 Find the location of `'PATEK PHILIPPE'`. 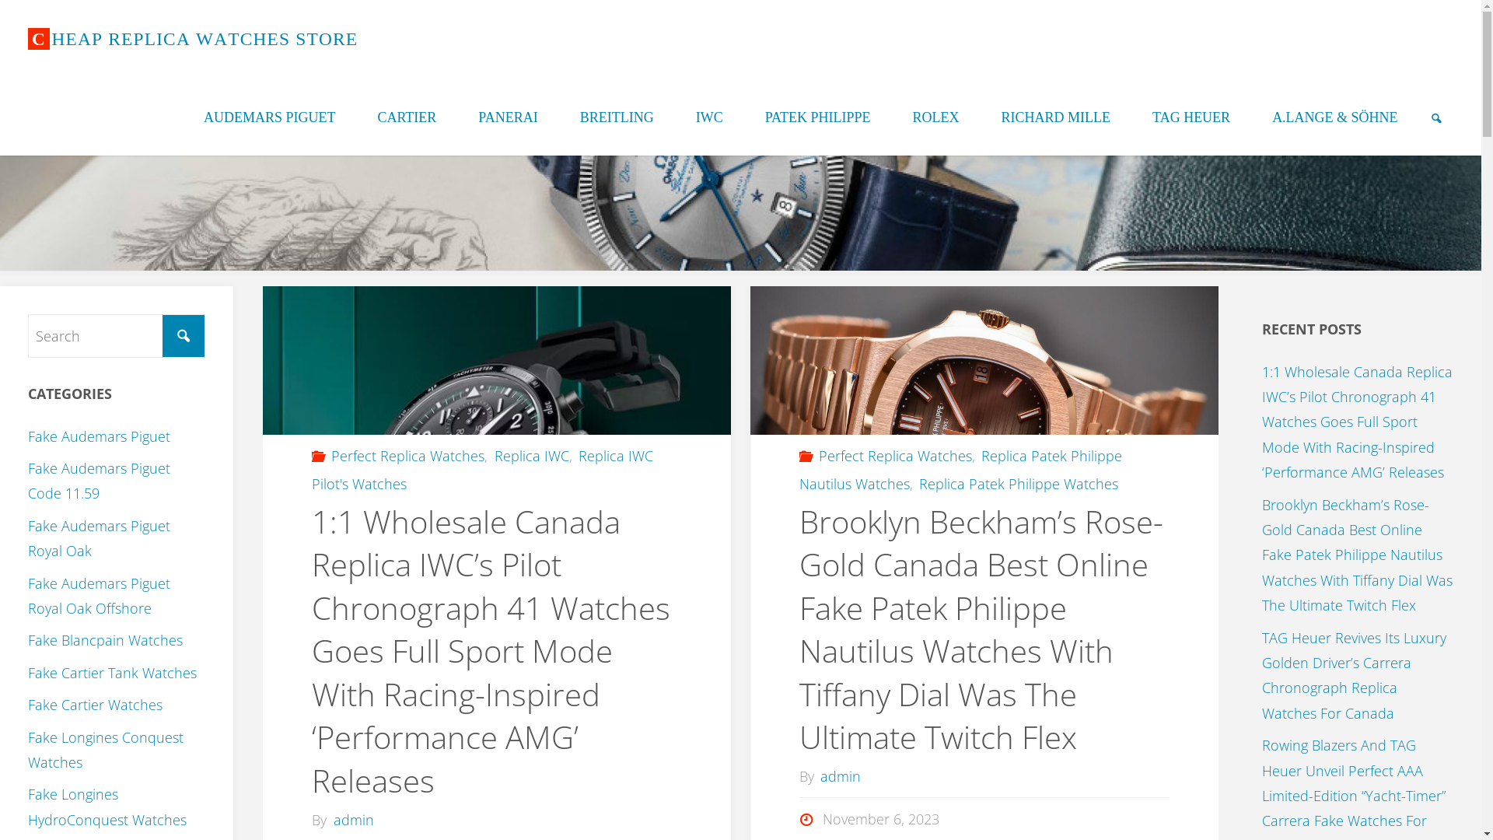

'PATEK PHILIPPE' is located at coordinates (816, 116).